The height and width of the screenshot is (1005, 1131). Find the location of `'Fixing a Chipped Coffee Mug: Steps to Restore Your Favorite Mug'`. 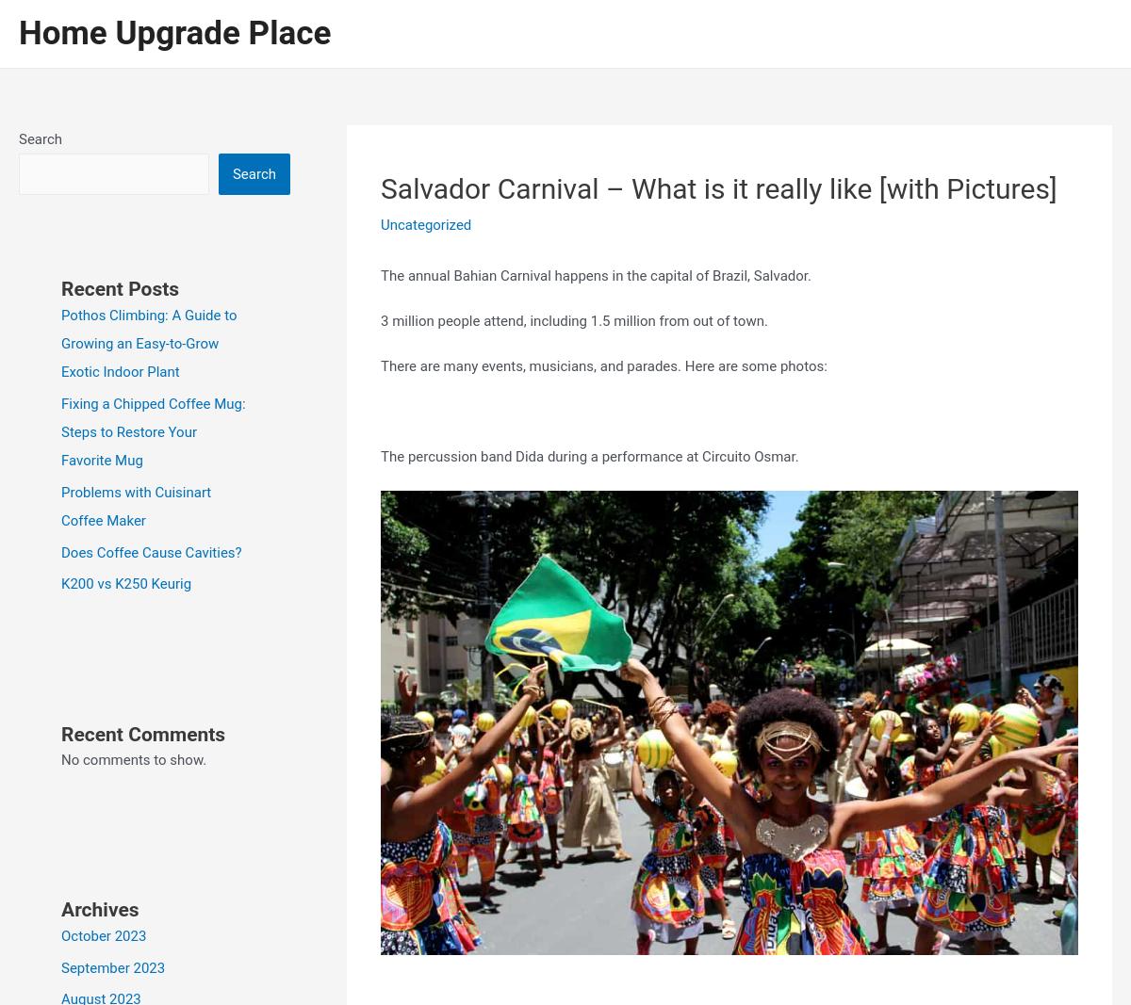

'Fixing a Chipped Coffee Mug: Steps to Restore Your Favorite Mug' is located at coordinates (61, 431).